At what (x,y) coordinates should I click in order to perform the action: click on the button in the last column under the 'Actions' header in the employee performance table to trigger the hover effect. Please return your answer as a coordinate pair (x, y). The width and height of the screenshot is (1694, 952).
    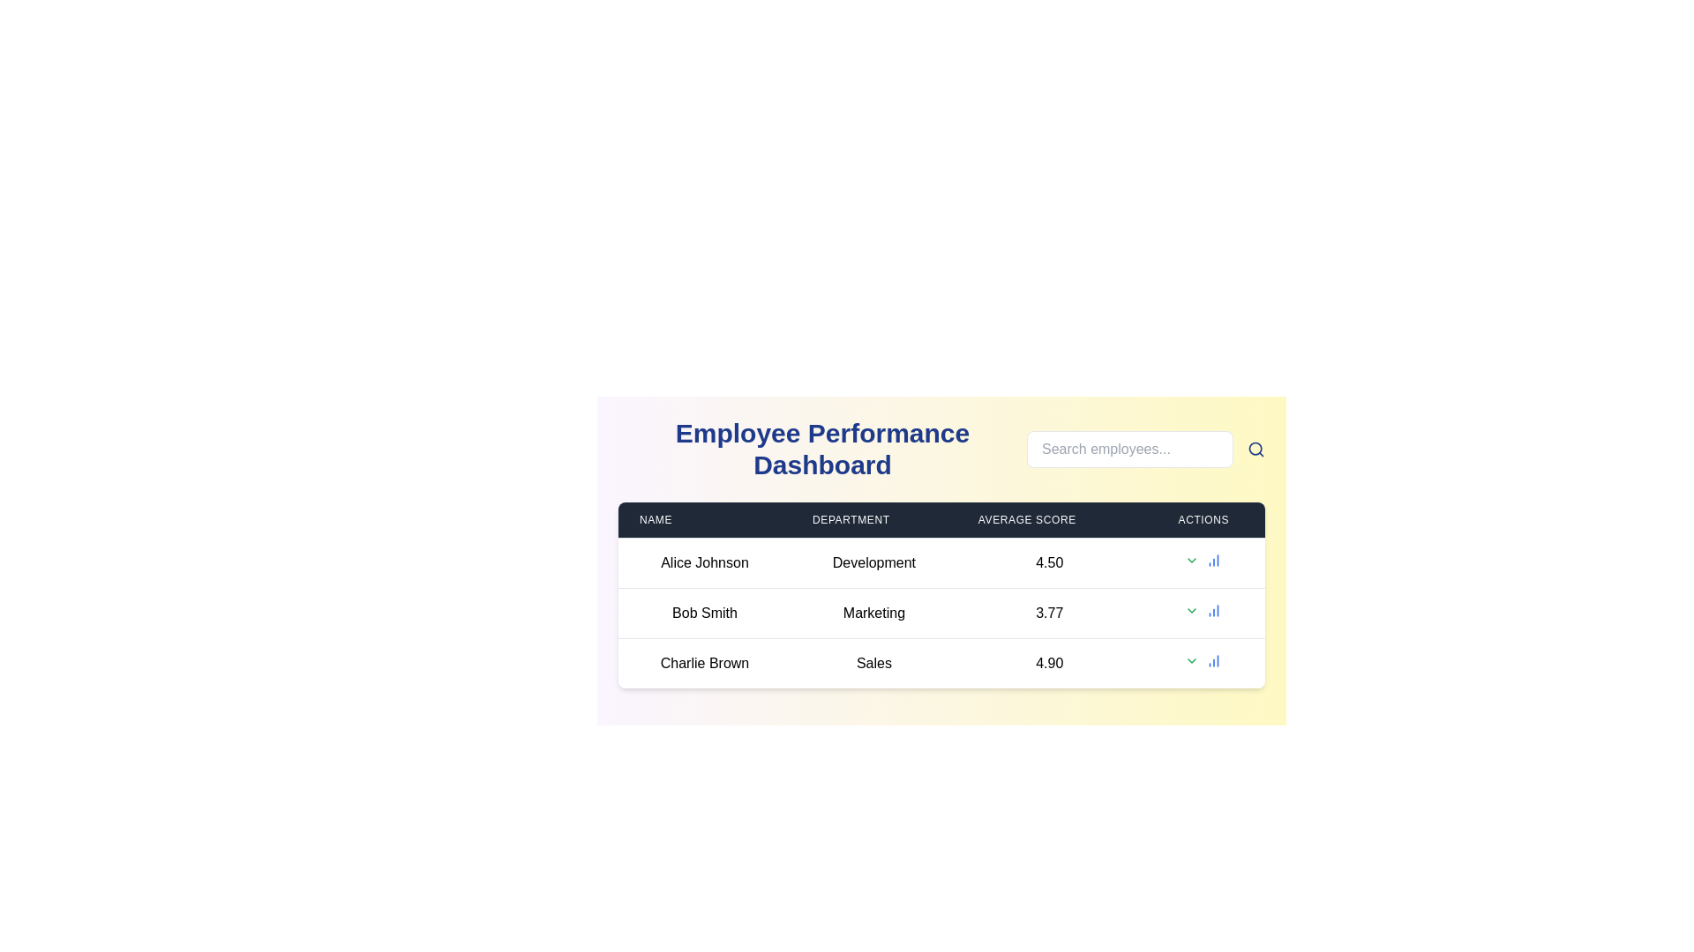
    Looking at the image, I should click on (1213, 660).